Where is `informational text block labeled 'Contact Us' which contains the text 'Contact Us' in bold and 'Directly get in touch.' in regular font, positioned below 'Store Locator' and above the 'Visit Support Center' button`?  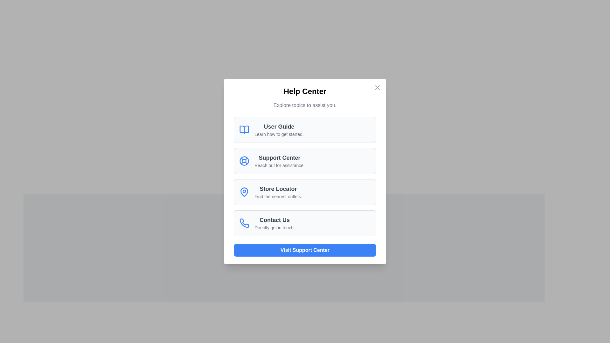 informational text block labeled 'Contact Us' which contains the text 'Contact Us' in bold and 'Directly get in touch.' in regular font, positioned below 'Store Locator' and above the 'Visit Support Center' button is located at coordinates (274, 223).